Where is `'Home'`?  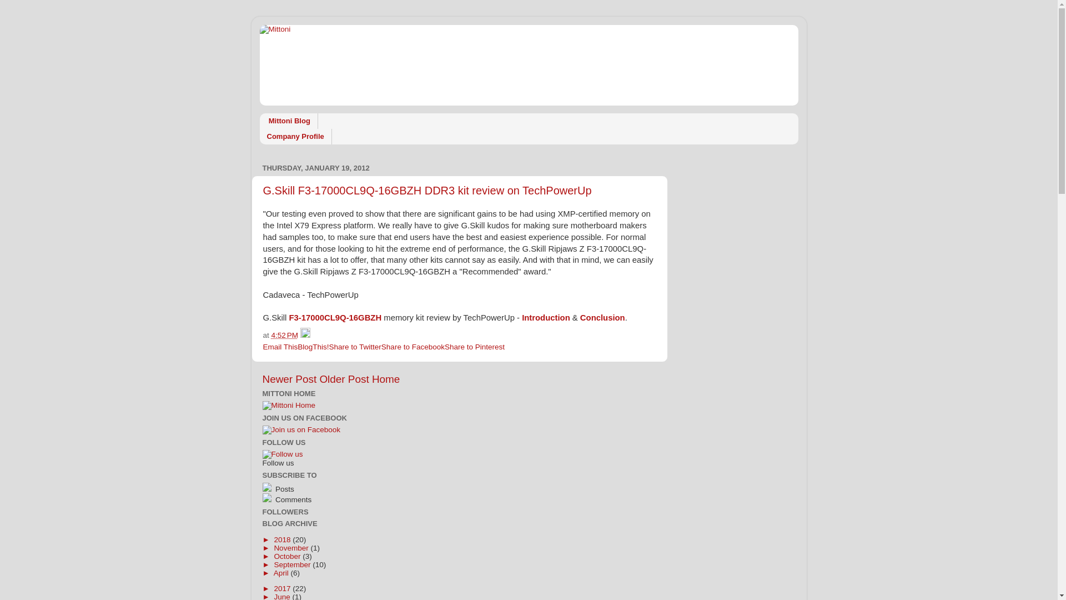 'Home' is located at coordinates (386, 378).